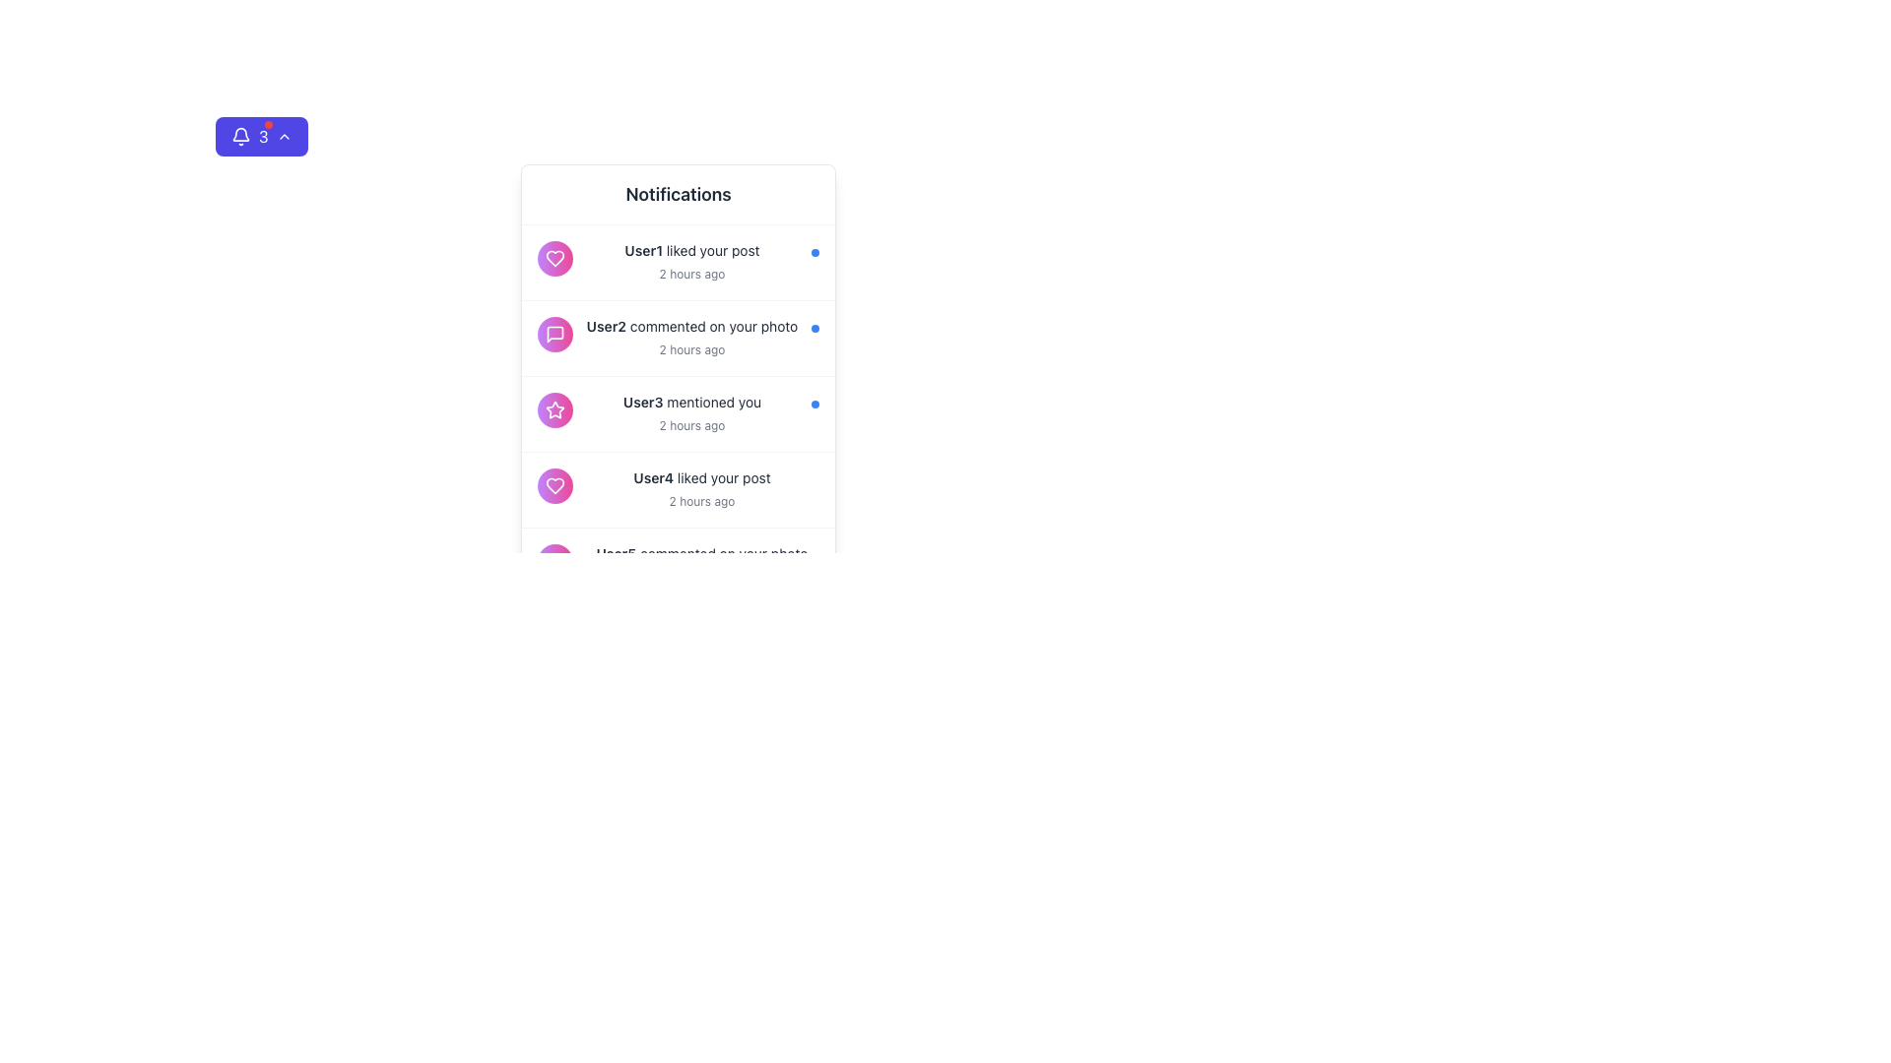 The height and width of the screenshot is (1063, 1891). I want to click on the text label displaying 'User5', which is part of the fifth notification entry in the 'Notifications' list, so click(615, 553).